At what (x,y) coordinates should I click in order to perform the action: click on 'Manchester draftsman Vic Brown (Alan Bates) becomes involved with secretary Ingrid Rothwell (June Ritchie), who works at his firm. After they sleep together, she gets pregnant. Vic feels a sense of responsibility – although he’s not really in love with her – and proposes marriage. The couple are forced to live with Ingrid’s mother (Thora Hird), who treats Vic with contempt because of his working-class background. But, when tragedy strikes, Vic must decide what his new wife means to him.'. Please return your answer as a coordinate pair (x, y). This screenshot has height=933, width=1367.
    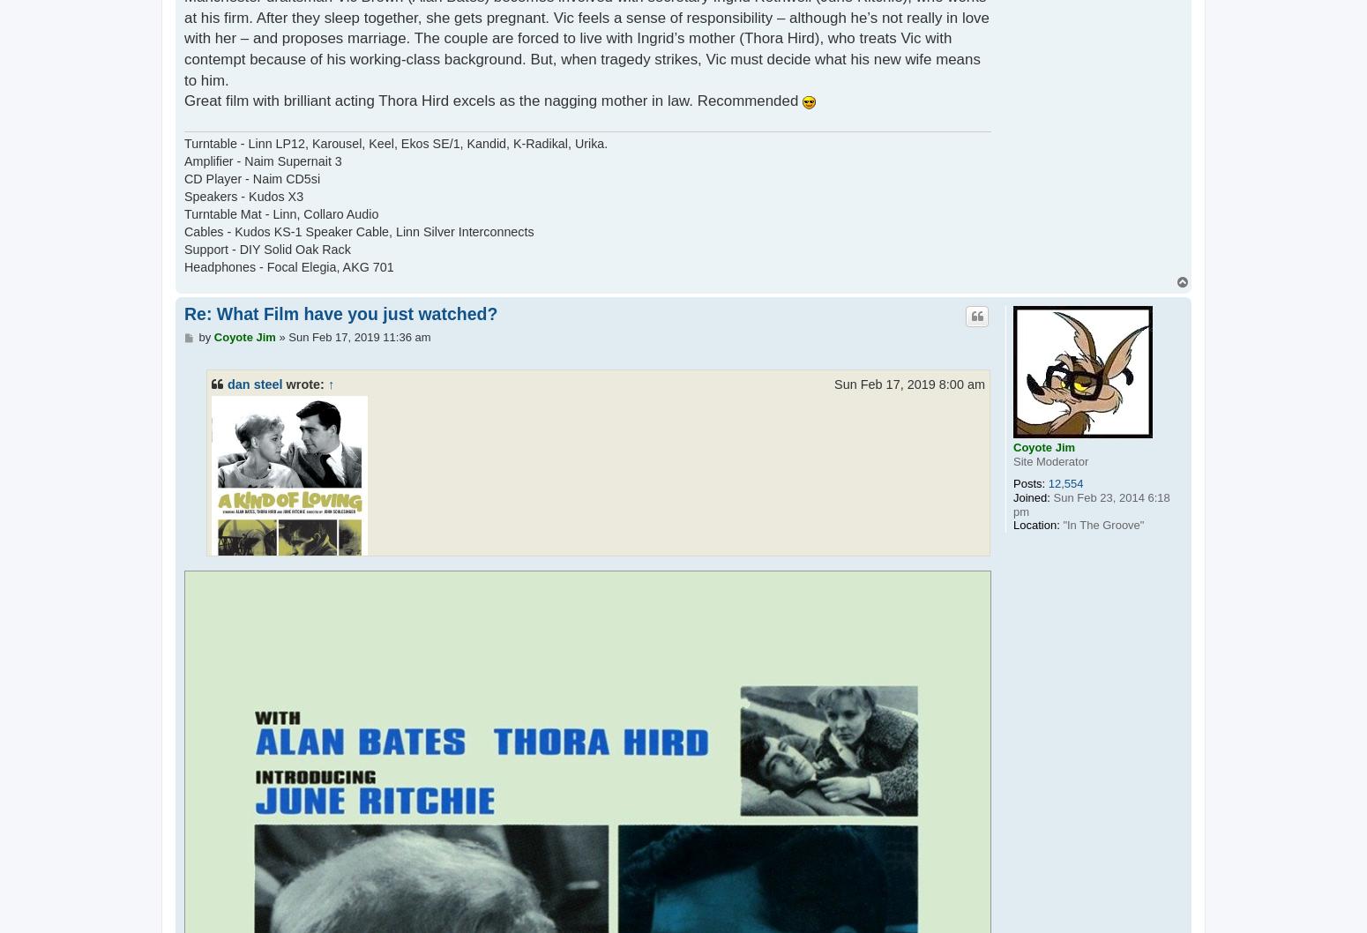
    Looking at the image, I should click on (596, 728).